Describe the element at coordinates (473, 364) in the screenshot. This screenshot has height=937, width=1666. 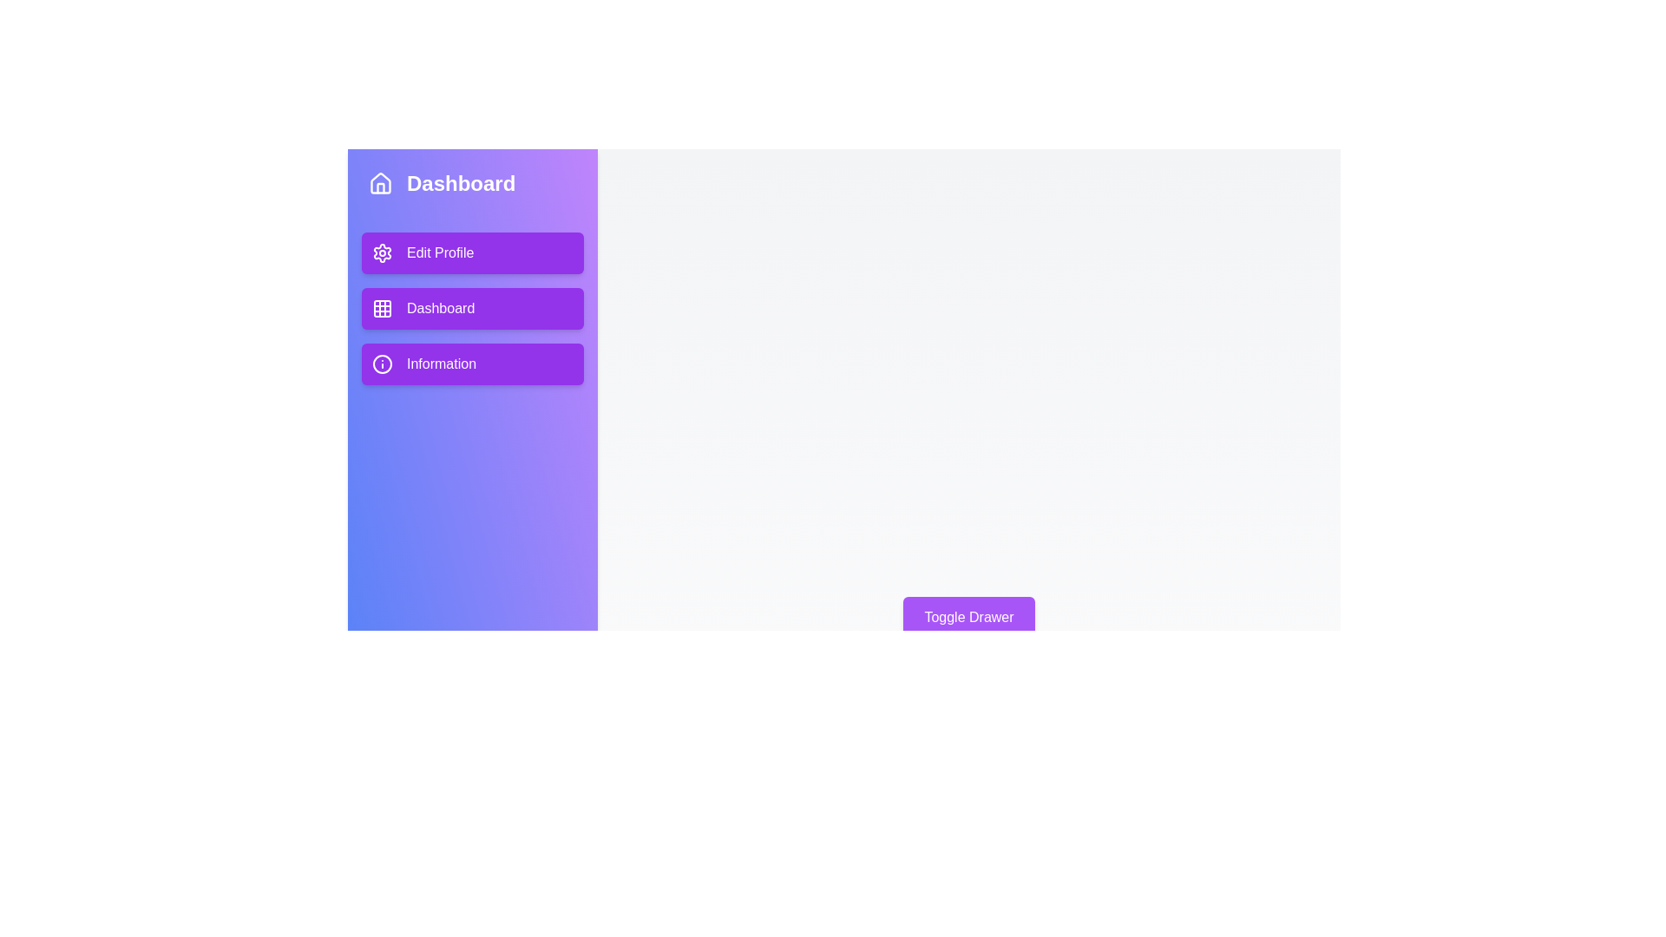
I see `the navigation menu item Information` at that location.